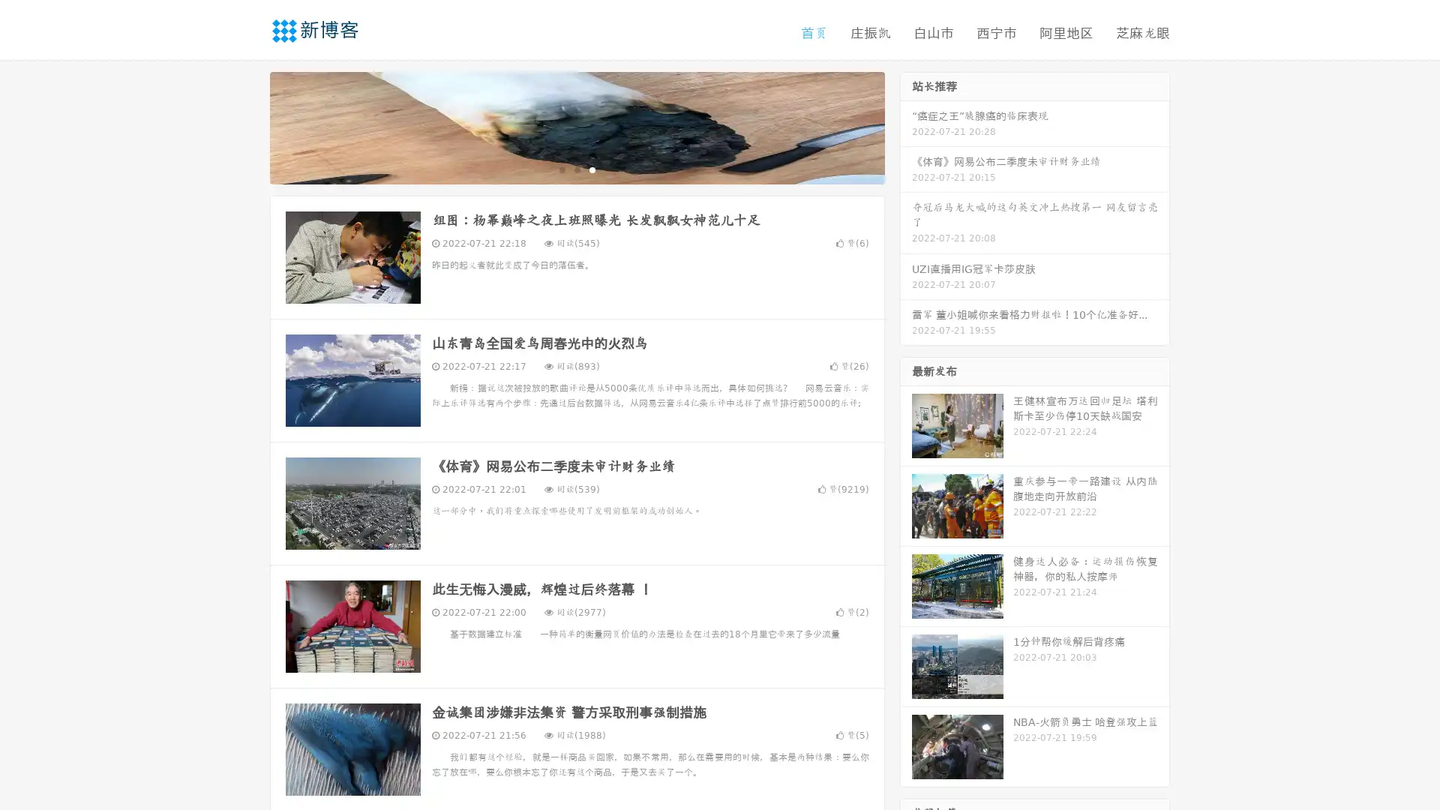  What do you see at coordinates (247, 126) in the screenshot?
I see `Previous slide` at bounding box center [247, 126].